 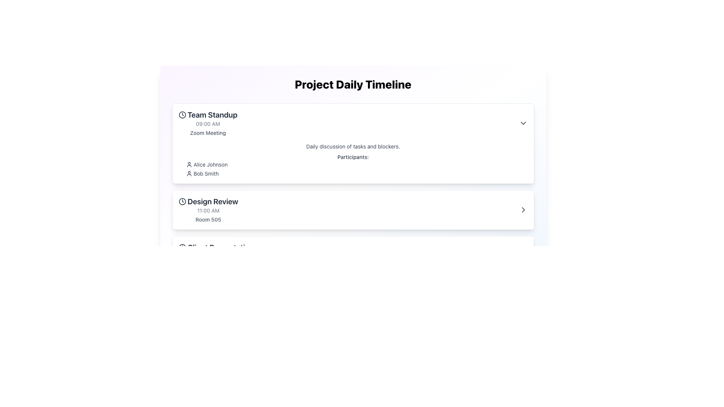 I want to click on the 'Team Standup' event listing in the top section of the 'Project Daily Timeline' interface, which is the first entry in a vertical list of events displayed within a white card with rounded edges, so click(x=208, y=123).